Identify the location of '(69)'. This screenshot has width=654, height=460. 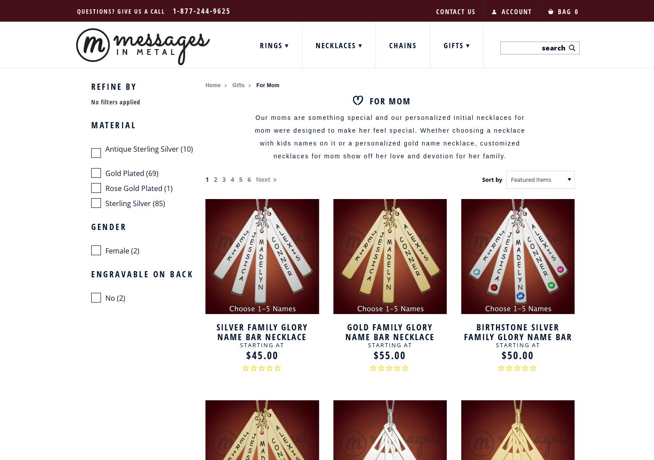
(151, 173).